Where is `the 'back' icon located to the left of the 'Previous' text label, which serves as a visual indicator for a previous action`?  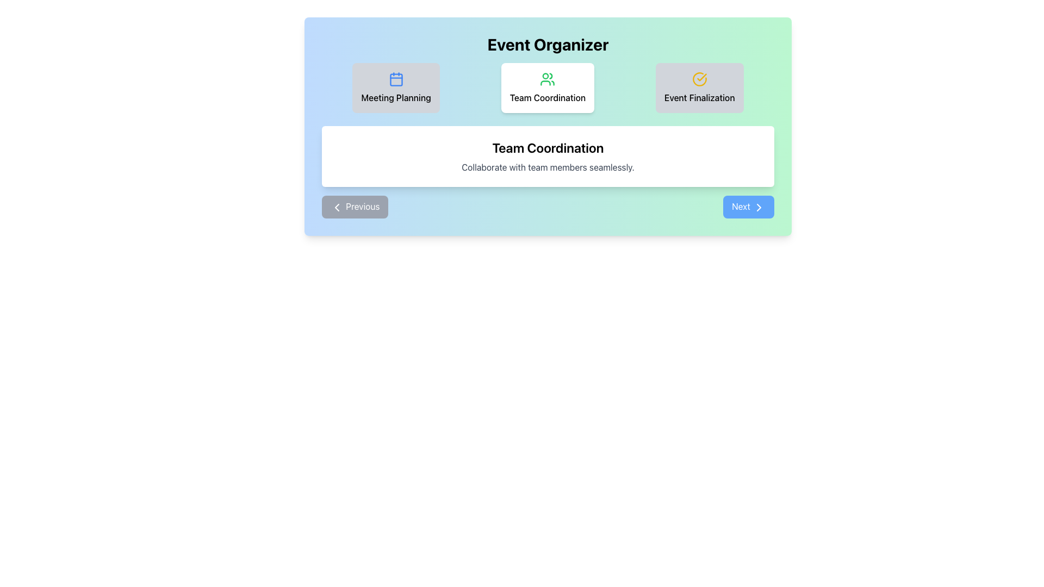 the 'back' icon located to the left of the 'Previous' text label, which serves as a visual indicator for a previous action is located at coordinates (336, 207).